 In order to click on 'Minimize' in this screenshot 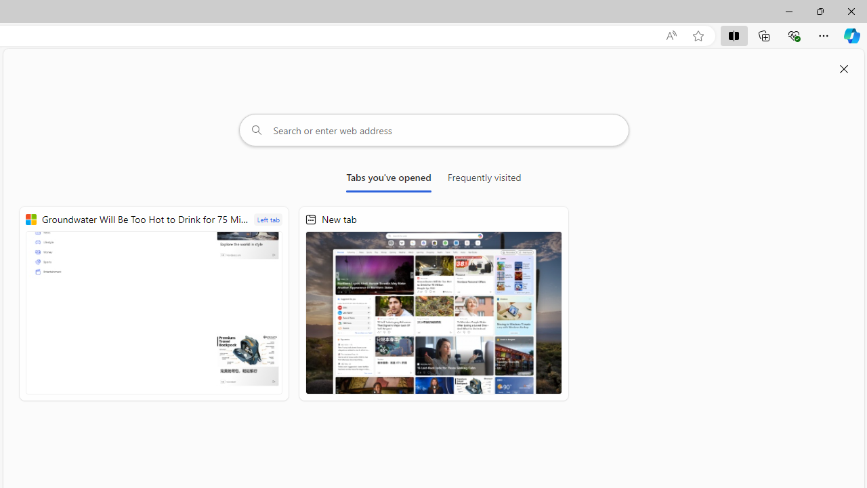, I will do `click(788, 11)`.